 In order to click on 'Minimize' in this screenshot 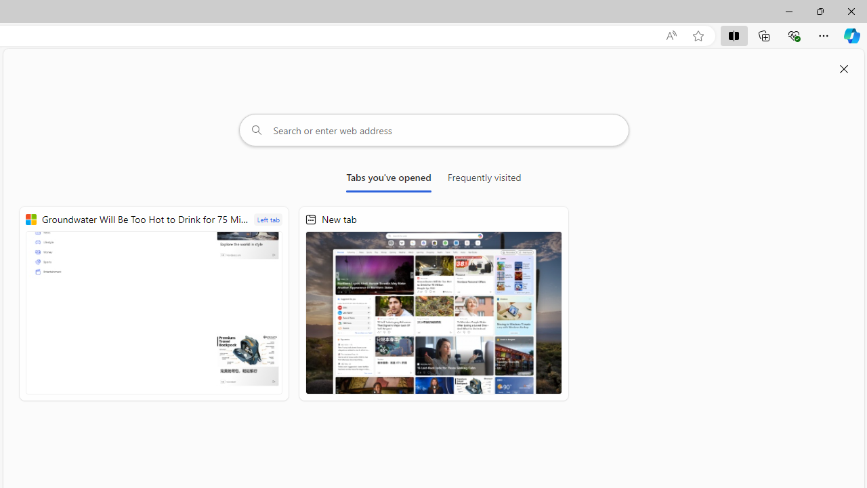, I will do `click(788, 11)`.